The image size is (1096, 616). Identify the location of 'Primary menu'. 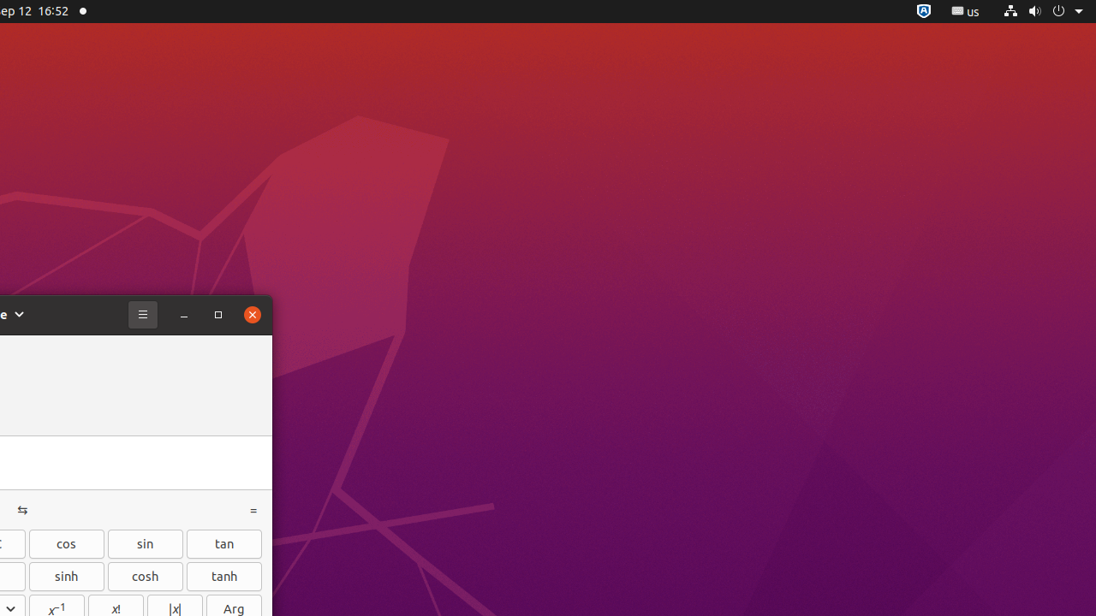
(143, 314).